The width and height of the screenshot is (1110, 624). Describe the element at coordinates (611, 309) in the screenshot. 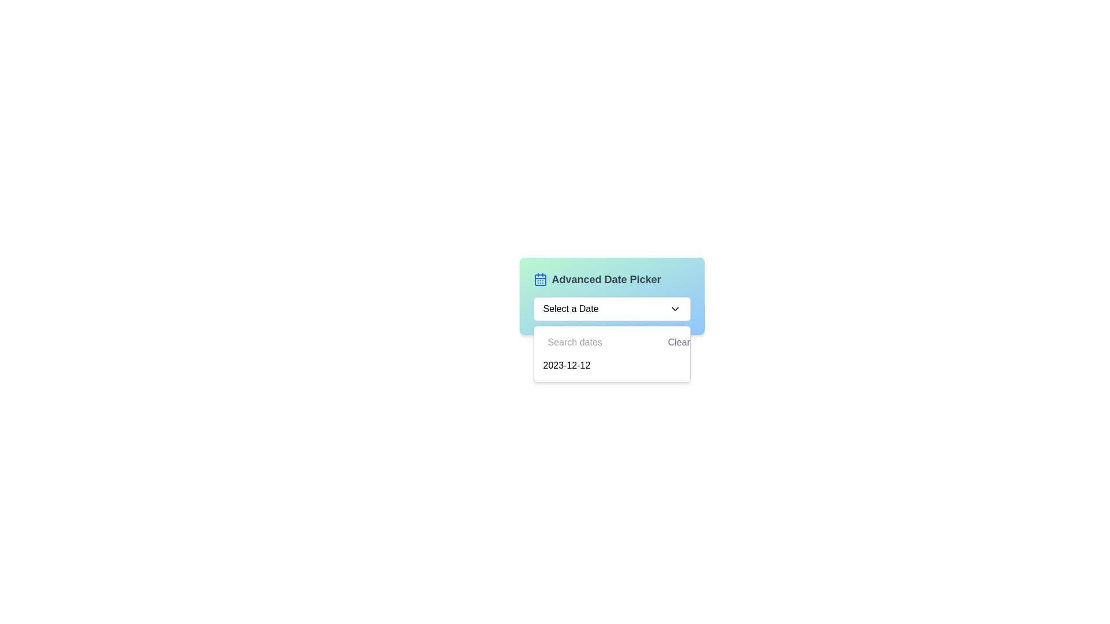

I see `the dropdown menu labeled 'Select a Date'` at that location.